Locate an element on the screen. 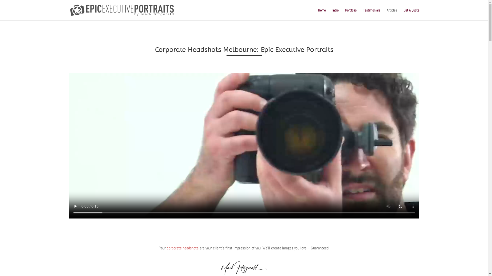 This screenshot has width=492, height=276. 'Get A Quote' is located at coordinates (411, 14).